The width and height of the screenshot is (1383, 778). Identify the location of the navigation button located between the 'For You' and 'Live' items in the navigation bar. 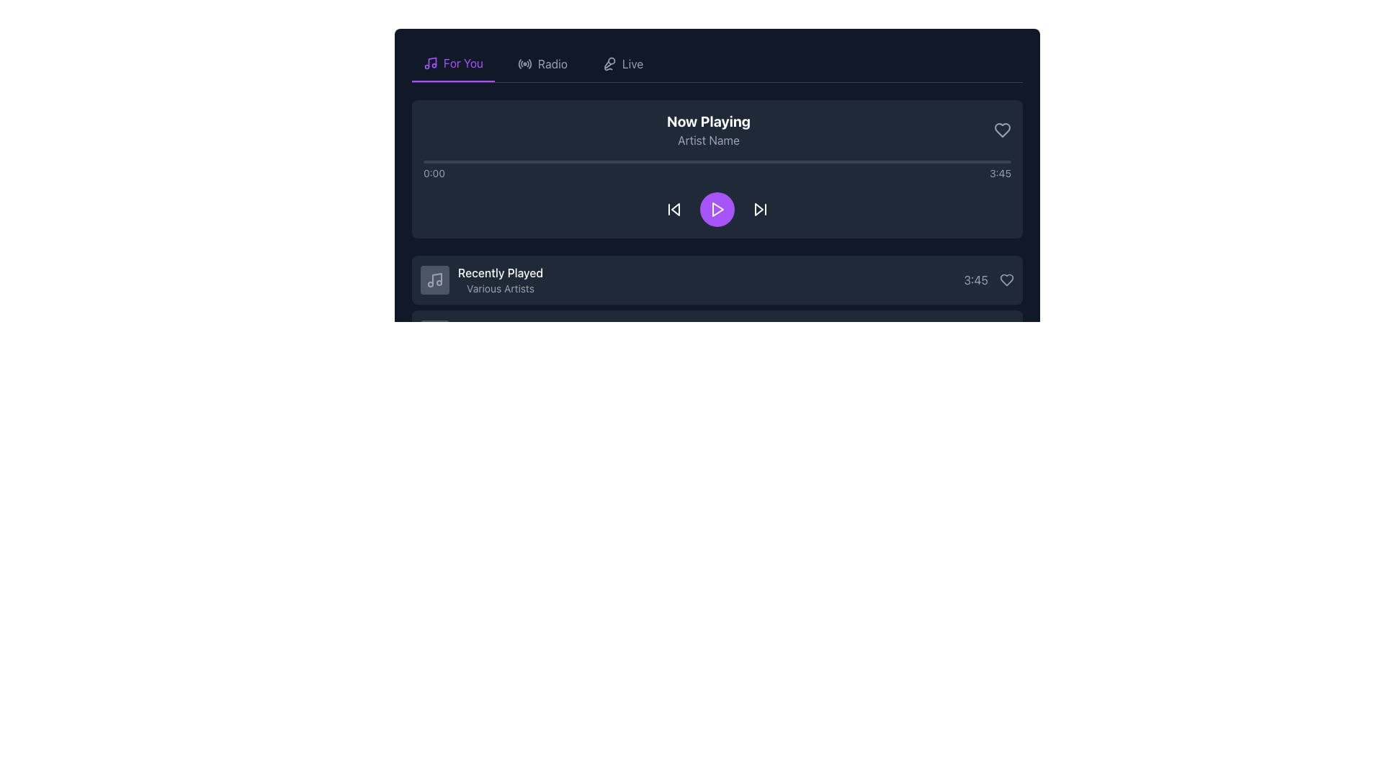
(542, 63).